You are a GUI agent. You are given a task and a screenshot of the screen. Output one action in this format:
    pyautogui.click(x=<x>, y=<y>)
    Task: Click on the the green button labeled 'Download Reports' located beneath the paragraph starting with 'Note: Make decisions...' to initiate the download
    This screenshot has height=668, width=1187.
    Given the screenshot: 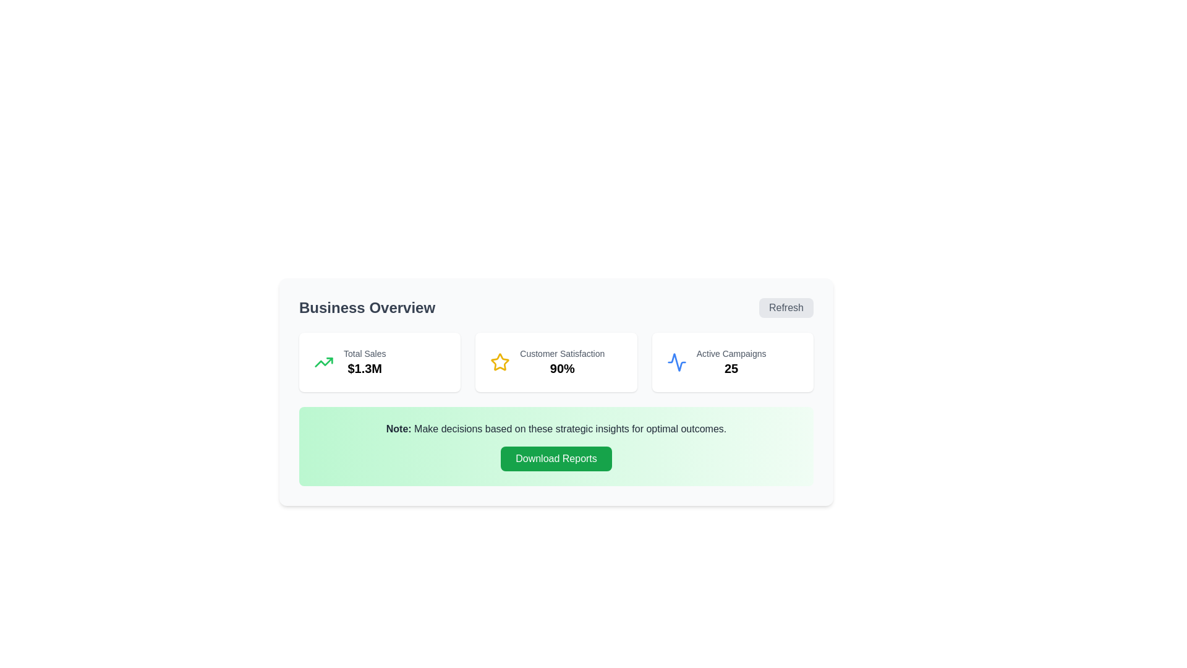 What is the action you would take?
    pyautogui.click(x=556, y=446)
    